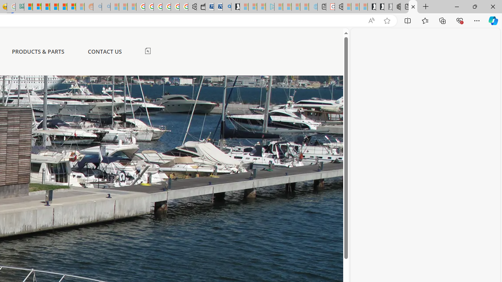  I want to click on 'PRODUCTS & PARTS', so click(38, 52).